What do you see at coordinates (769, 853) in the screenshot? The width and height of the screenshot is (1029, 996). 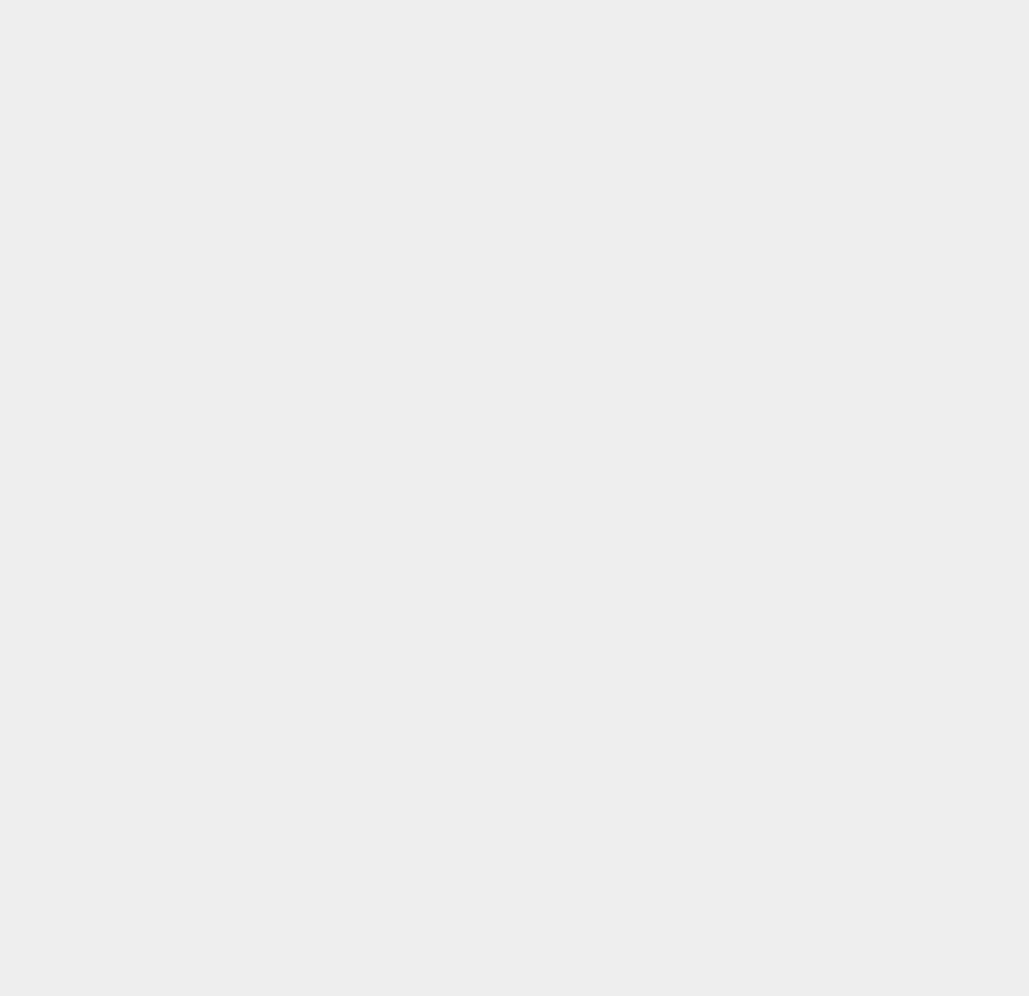 I see `'Google Panda'` at bounding box center [769, 853].